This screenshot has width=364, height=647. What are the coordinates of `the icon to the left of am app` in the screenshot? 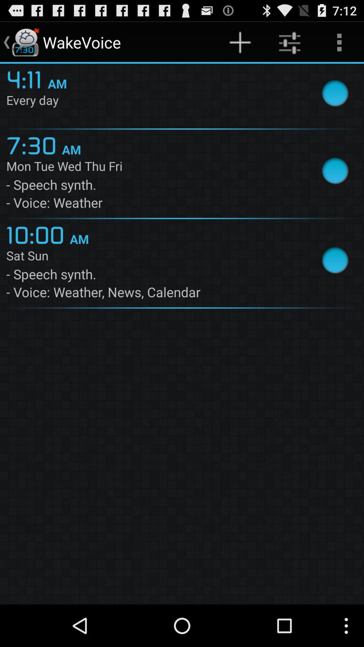 It's located at (34, 144).